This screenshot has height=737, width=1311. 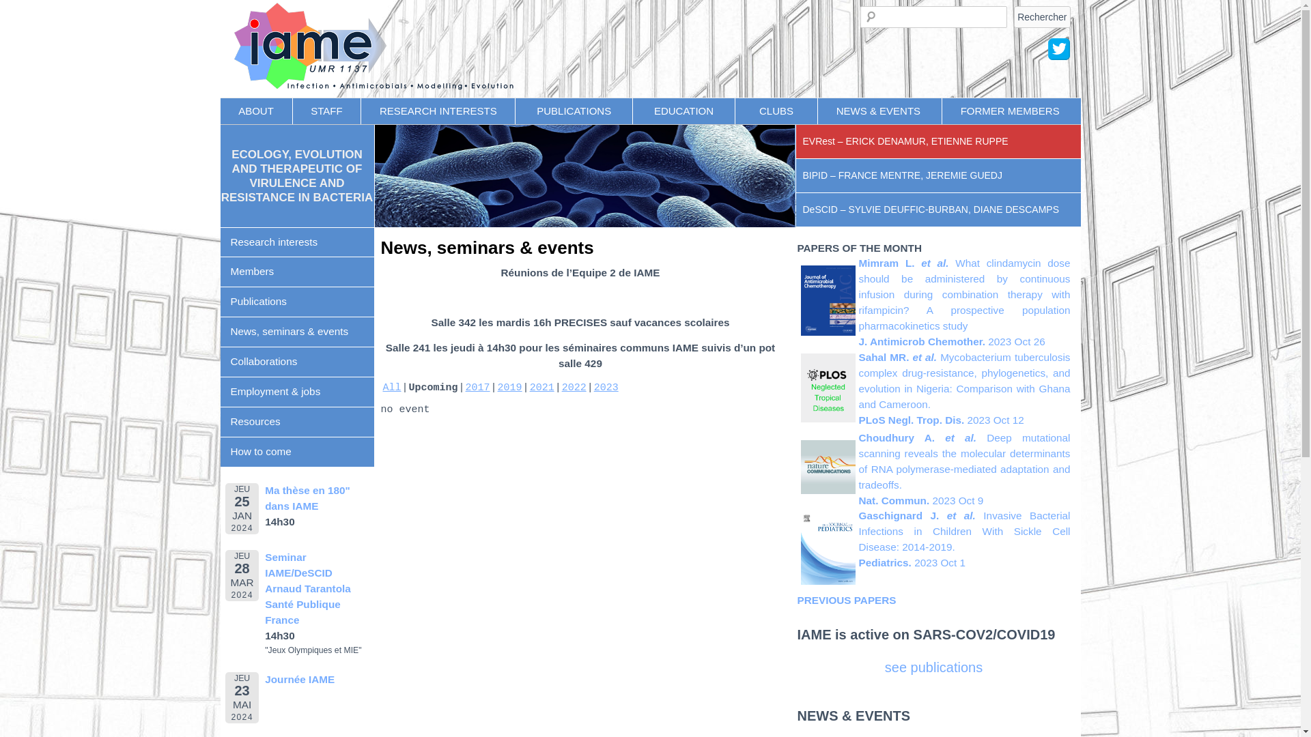 I want to click on ' EDUCATION ', so click(x=632, y=110).